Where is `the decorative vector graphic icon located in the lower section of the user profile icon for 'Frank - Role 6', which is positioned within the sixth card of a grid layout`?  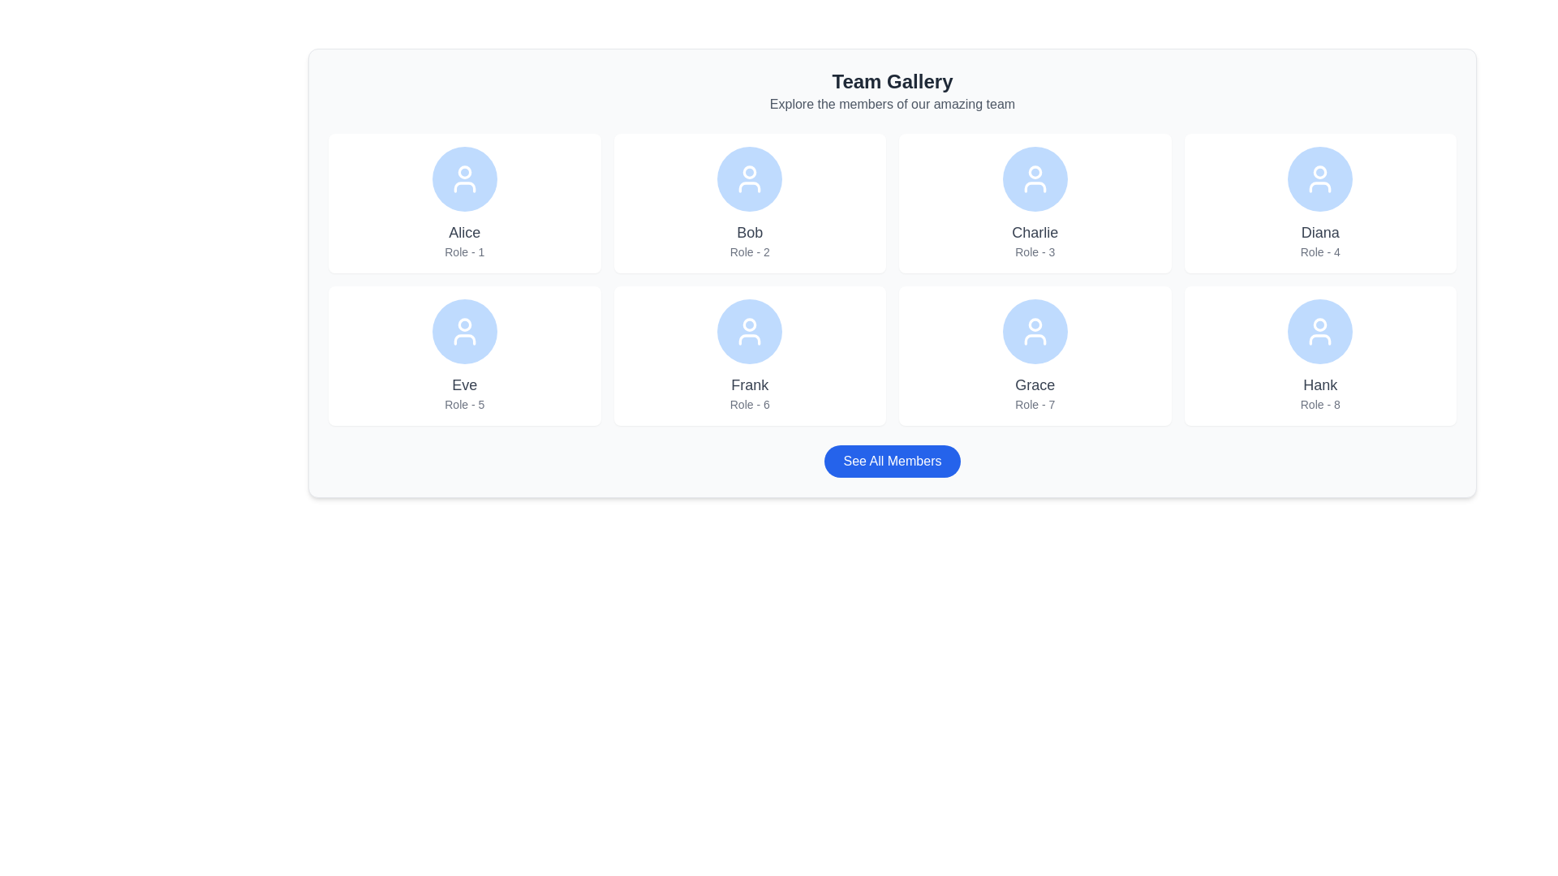
the decorative vector graphic icon located in the lower section of the user profile icon for 'Frank - Role 6', which is positioned within the sixth card of a grid layout is located at coordinates (749, 339).